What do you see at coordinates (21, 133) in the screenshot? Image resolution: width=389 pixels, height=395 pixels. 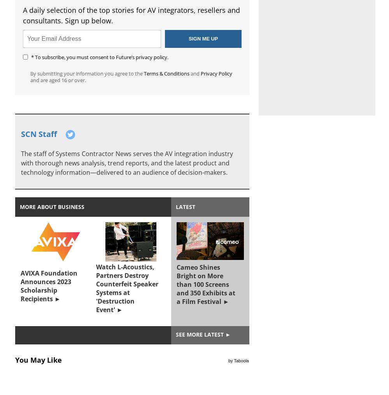 I see `'SCN Staff'` at bounding box center [21, 133].